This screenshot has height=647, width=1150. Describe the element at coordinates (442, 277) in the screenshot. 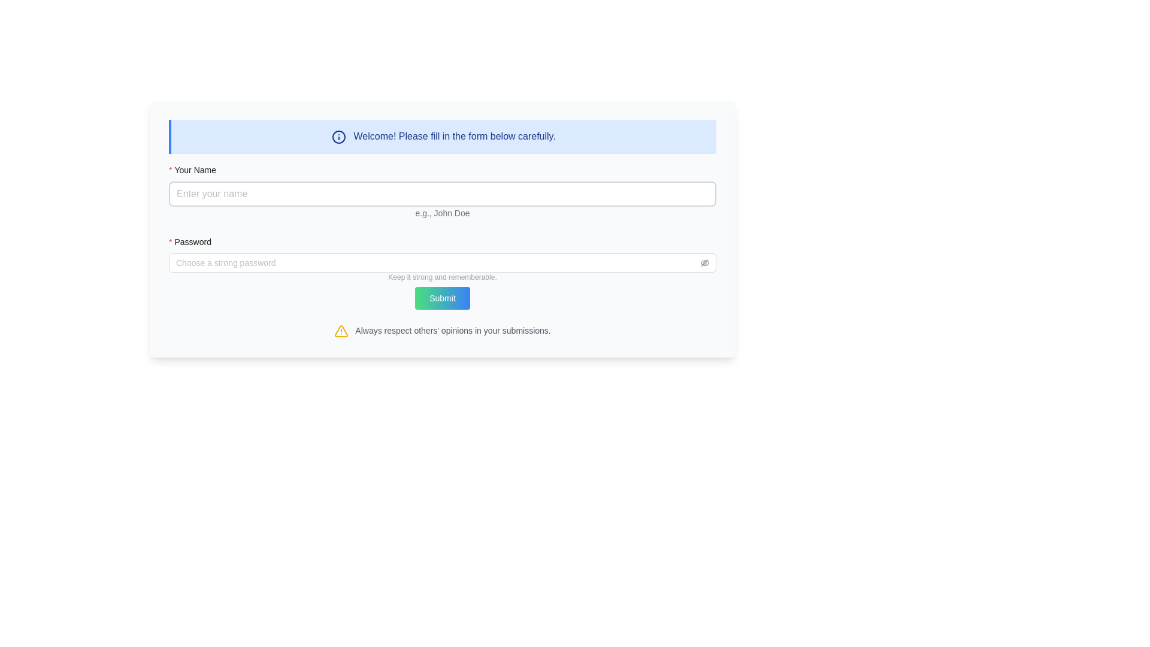

I see `the text hint or helper label that says 'Keep it strong and rememberable.' located below the password input field within the form` at that location.